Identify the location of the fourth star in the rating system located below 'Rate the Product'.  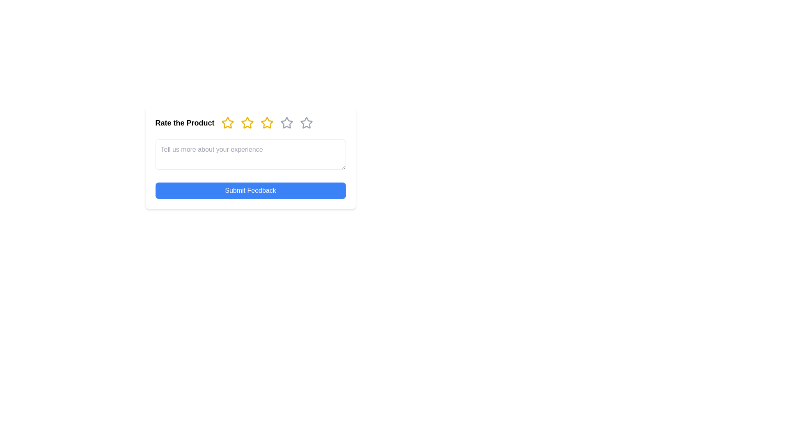
(267, 123).